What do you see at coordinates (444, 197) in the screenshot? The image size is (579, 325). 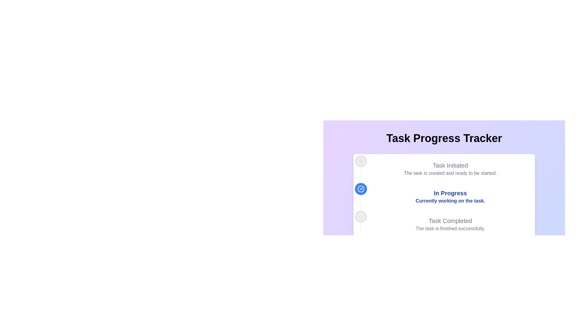 I see `the Informational text block displaying 'In Progress' and 'Currently working on the task', which is the second milestone in the vertical list of progress points` at bounding box center [444, 197].